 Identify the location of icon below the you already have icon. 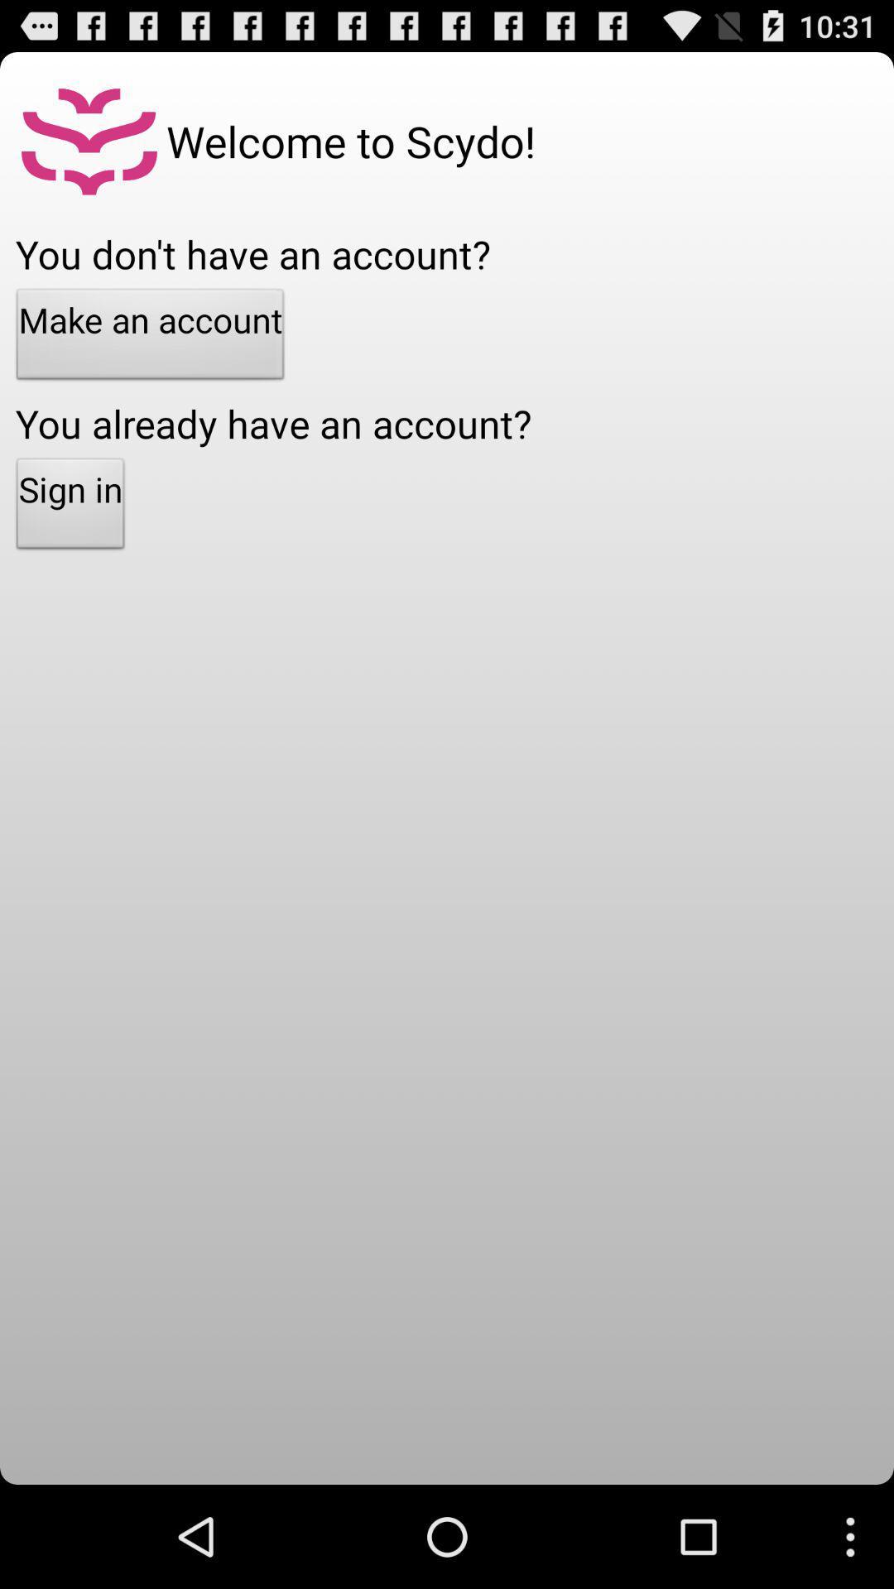
(70, 507).